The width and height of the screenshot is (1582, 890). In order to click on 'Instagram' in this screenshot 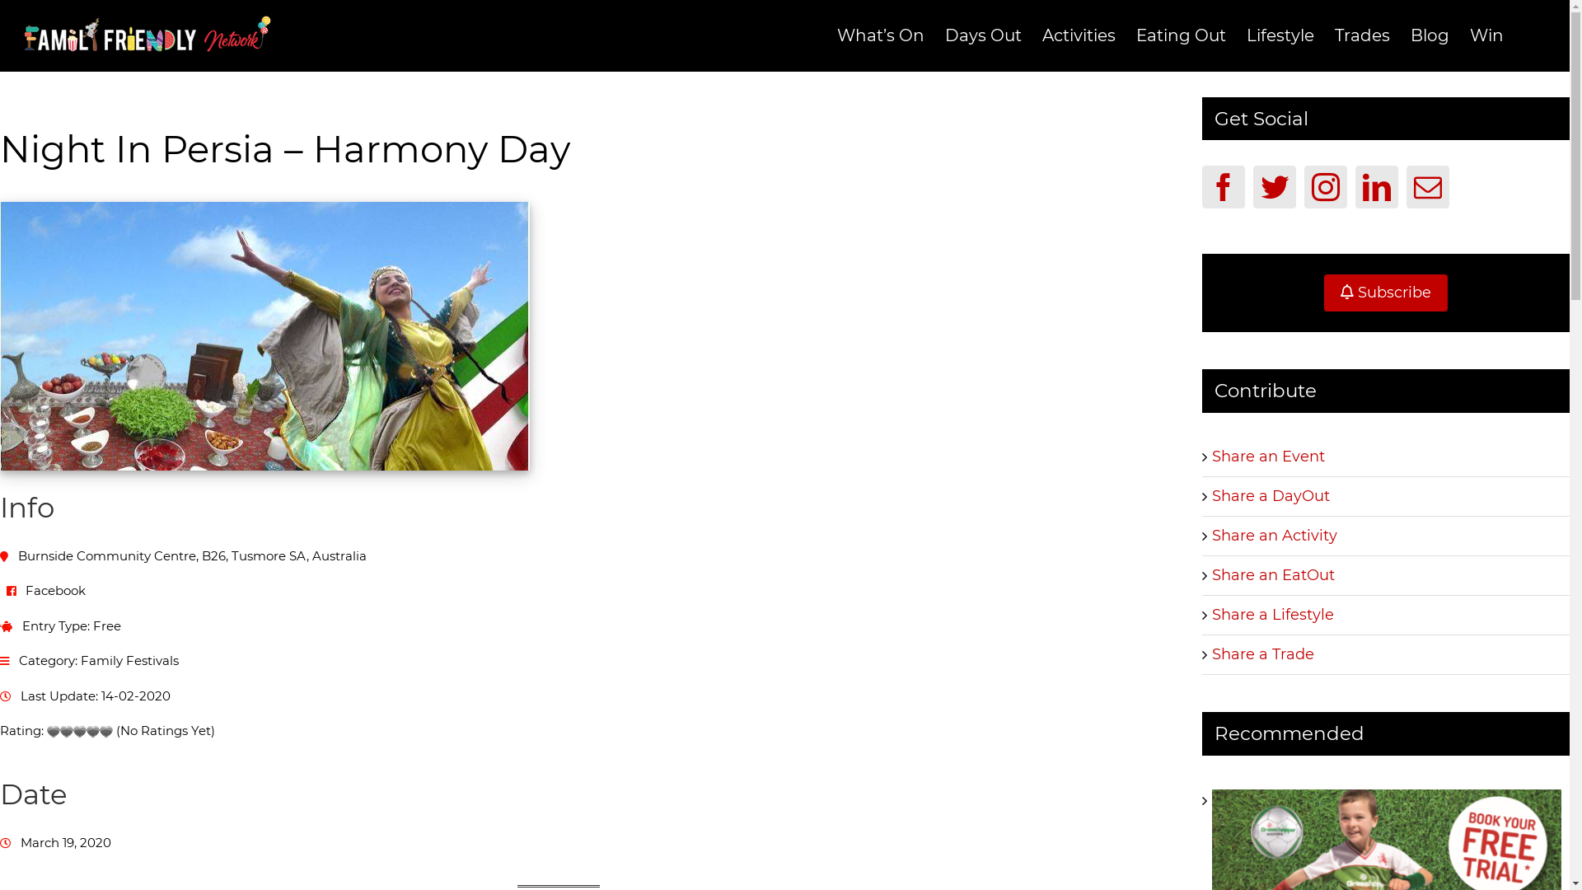, I will do `click(1325, 186)`.